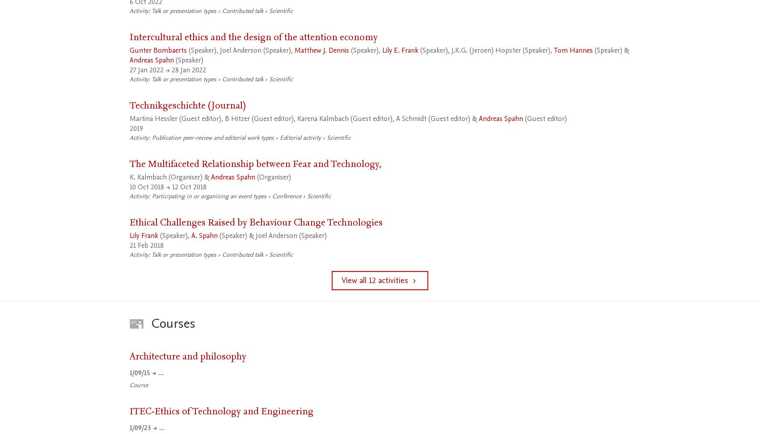 This screenshot has height=434, width=760. Describe the element at coordinates (272, 177) in the screenshot. I see `'(Organiser)'` at that location.